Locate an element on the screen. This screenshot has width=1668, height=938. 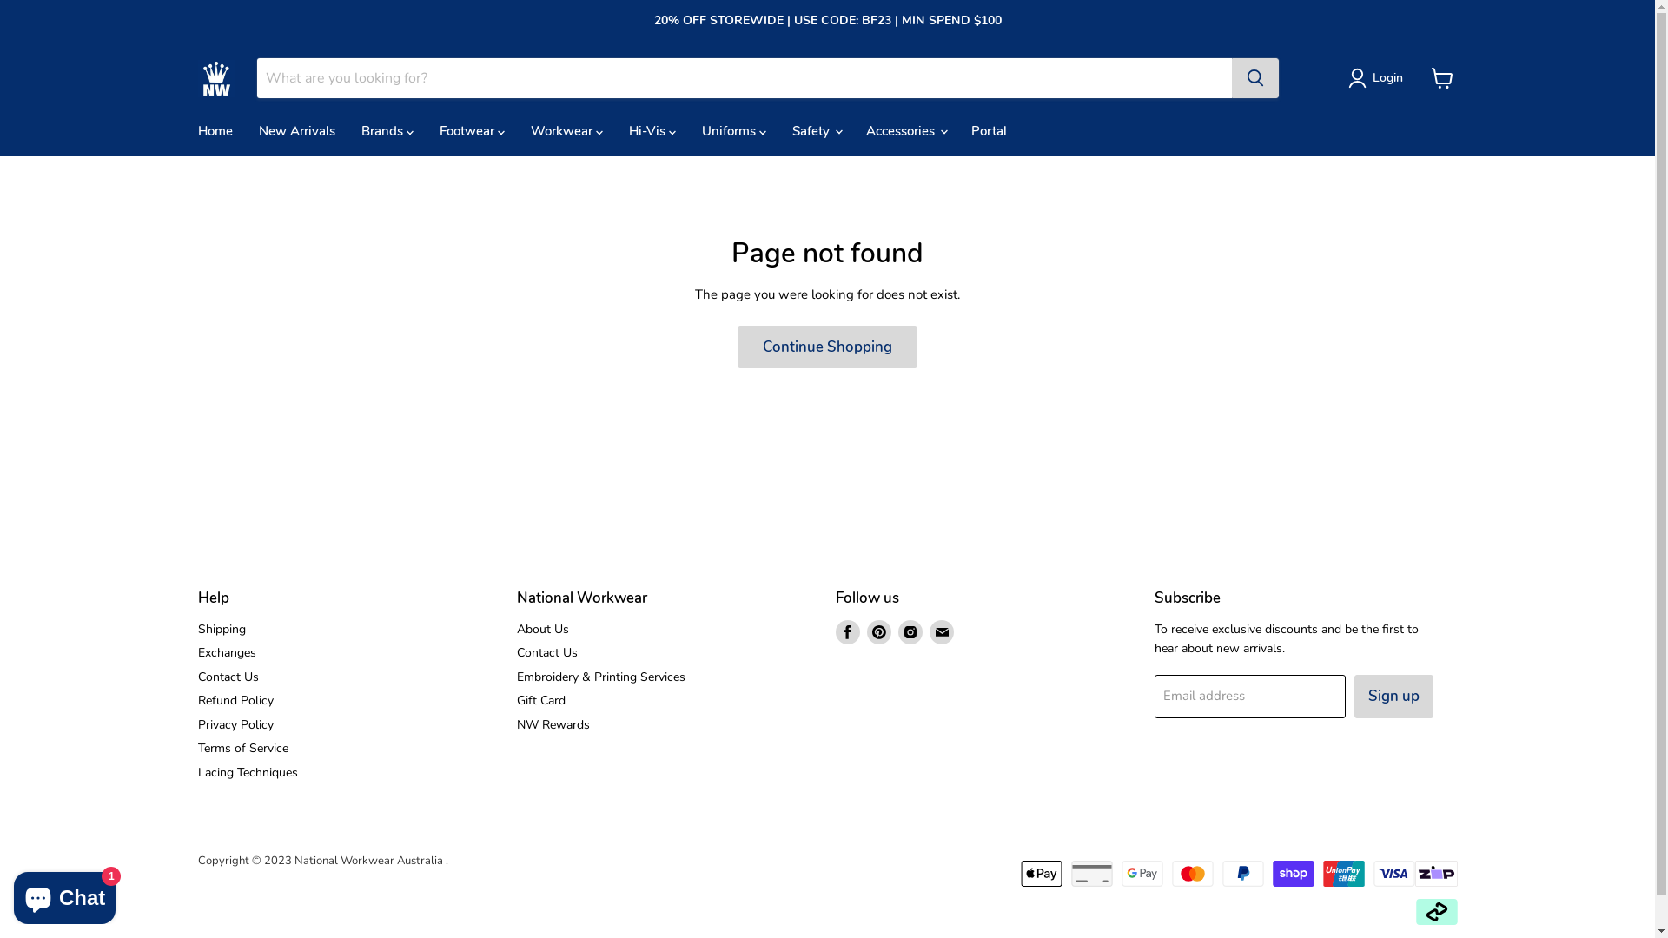
'Find us on Email' is located at coordinates (941, 632).